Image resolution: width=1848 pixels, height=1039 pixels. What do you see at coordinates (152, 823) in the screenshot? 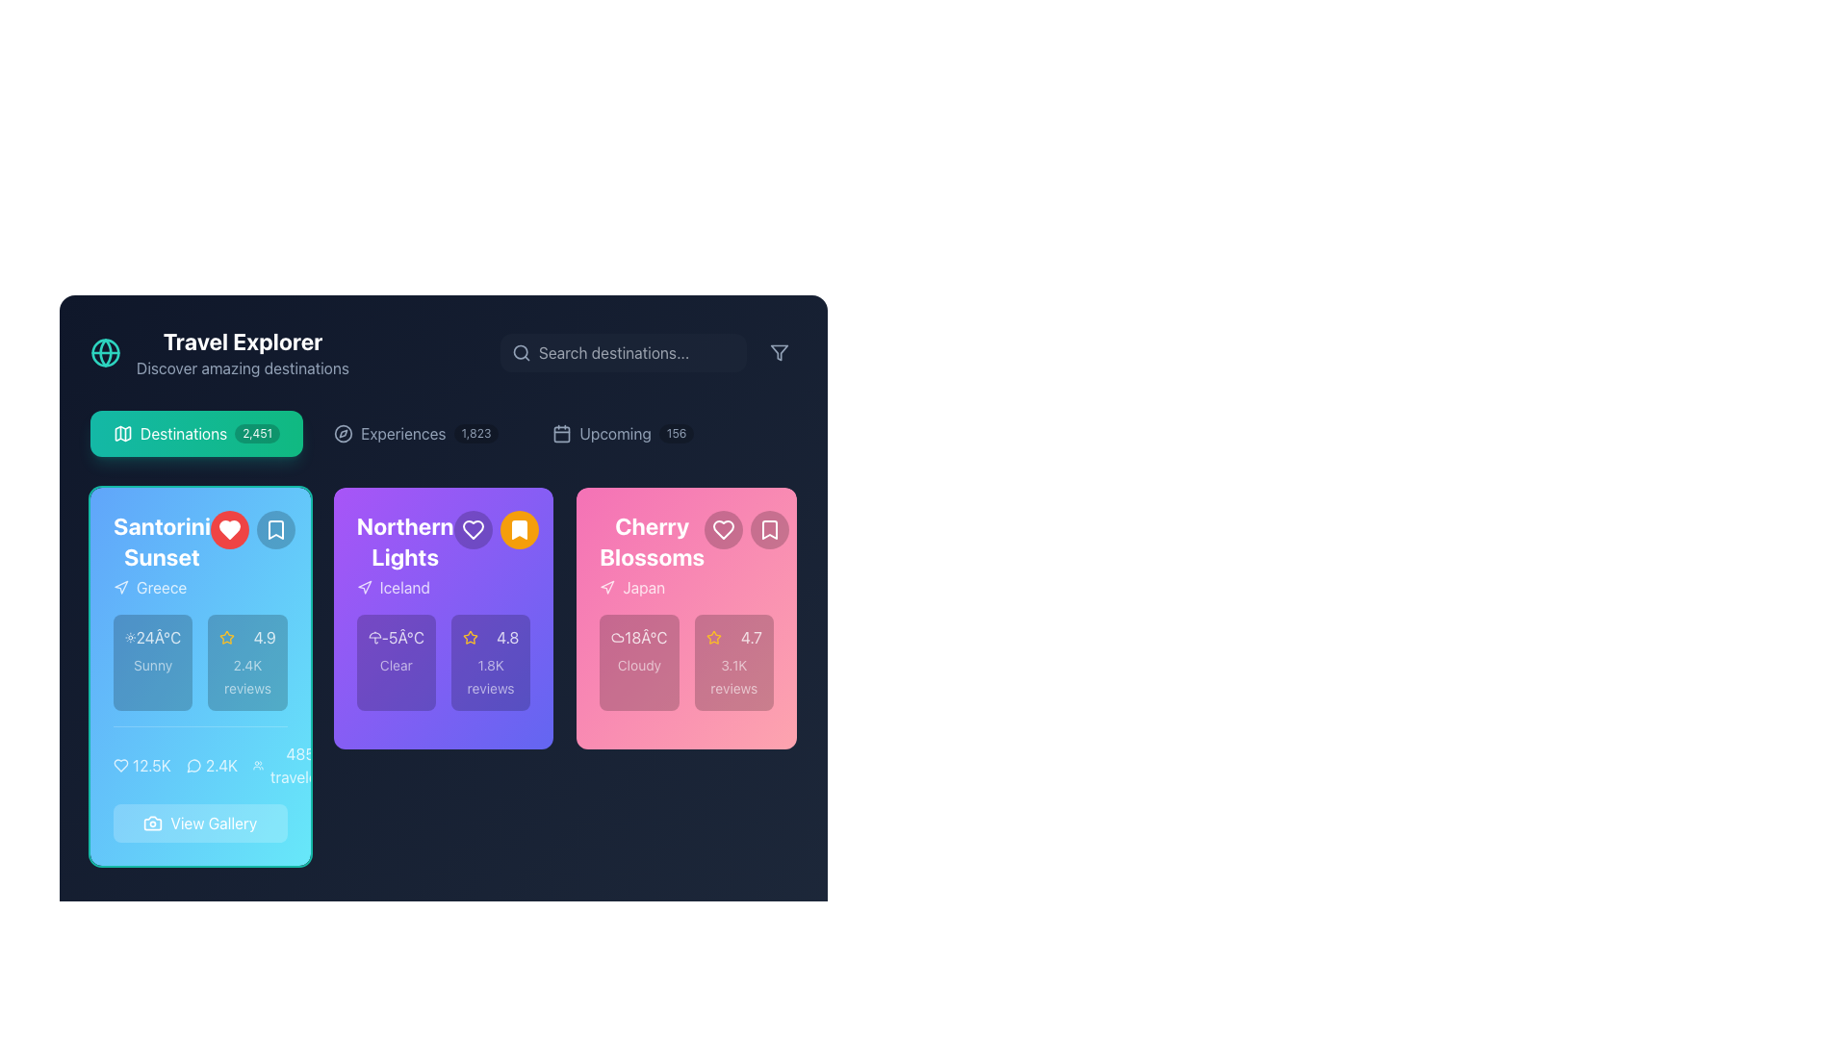
I see `the stylized camera icon located in the header area of the 'Santorini Sunset' card, which features a rounded rectangular body and a lens circle at its center` at bounding box center [152, 823].